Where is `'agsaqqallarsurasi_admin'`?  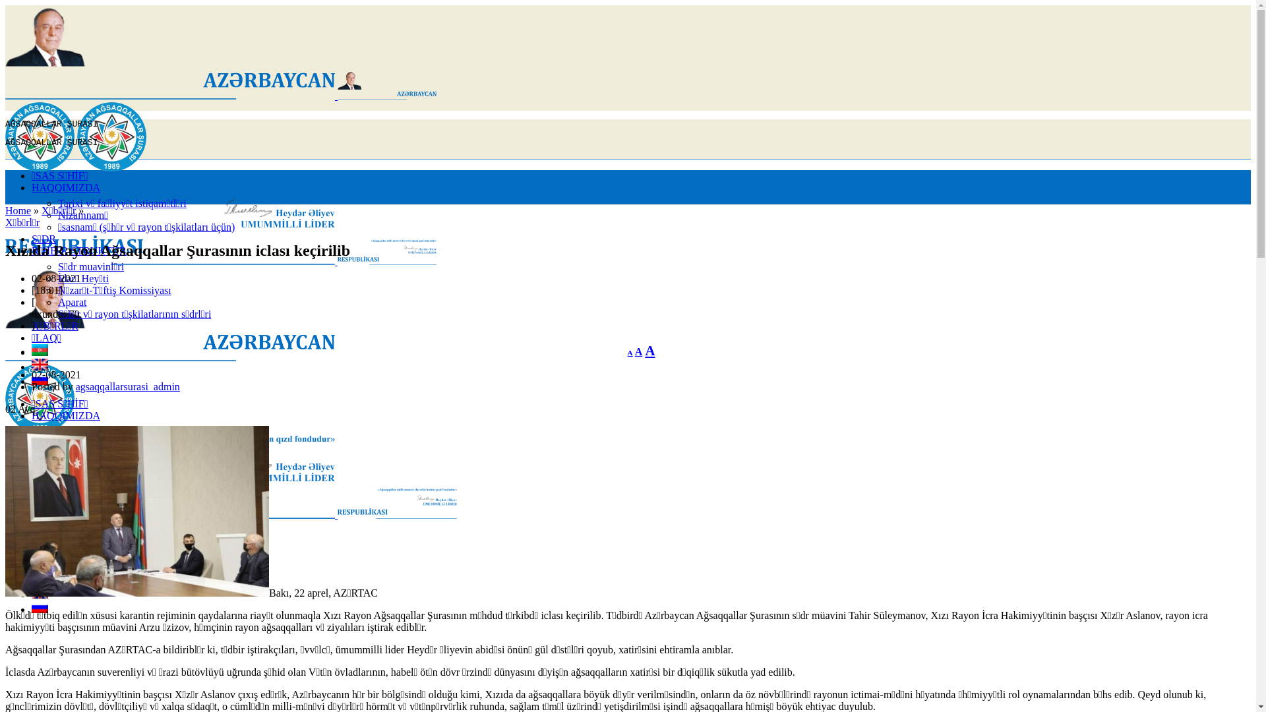
'agsaqqallarsurasi_admin' is located at coordinates (75, 386).